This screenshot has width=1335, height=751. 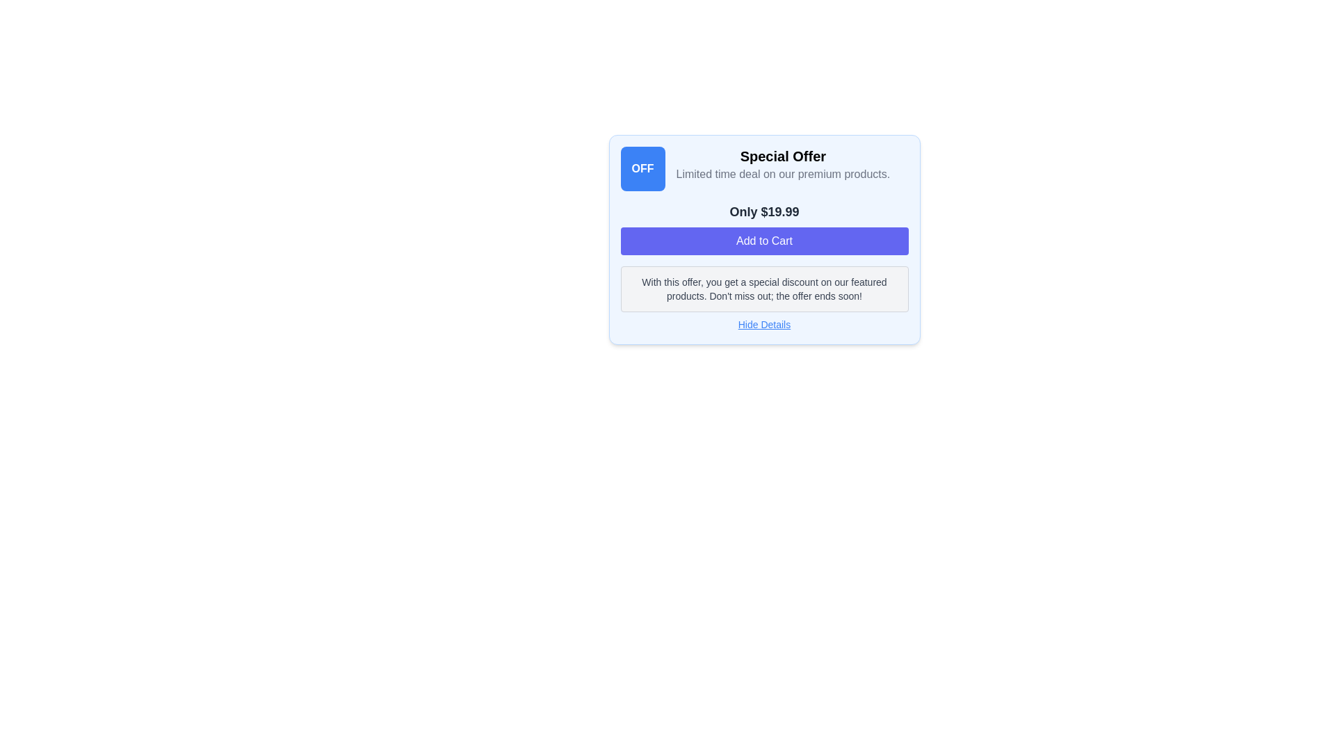 I want to click on the second text item that provides details about the promotional offer, located beneath the bold 'Special Offer' text in the upper portion of the promotional card, so click(x=783, y=173).